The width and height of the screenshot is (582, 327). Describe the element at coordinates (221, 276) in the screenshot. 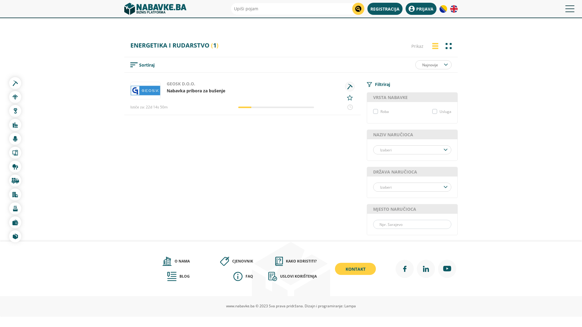

I see `'FAQ'` at that location.